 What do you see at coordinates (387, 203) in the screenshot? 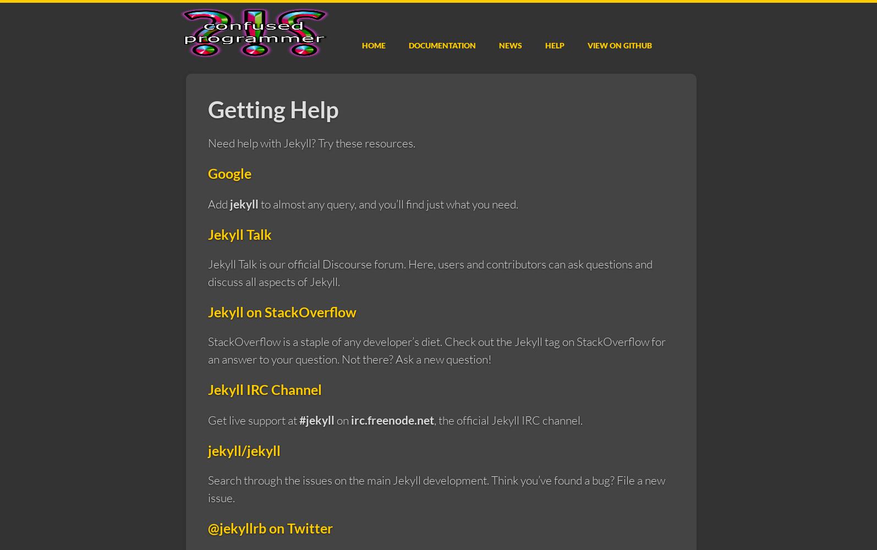
I see `'to almost any query, and you’ll find just what you need.'` at bounding box center [387, 203].